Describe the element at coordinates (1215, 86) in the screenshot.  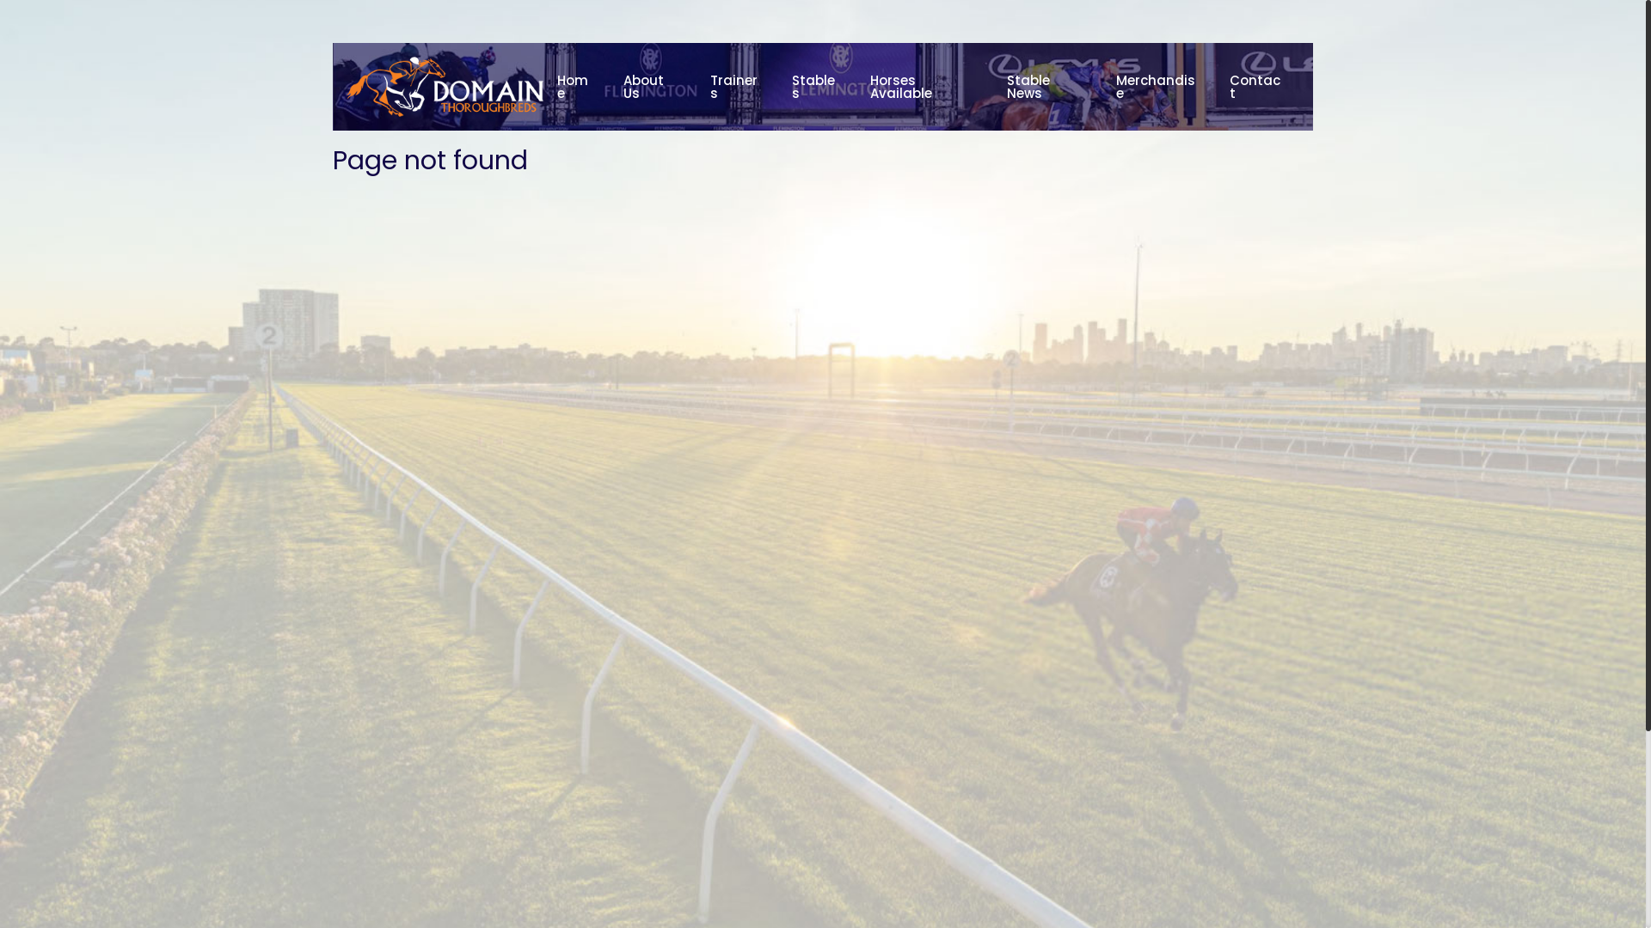
I see `'Contact'` at that location.